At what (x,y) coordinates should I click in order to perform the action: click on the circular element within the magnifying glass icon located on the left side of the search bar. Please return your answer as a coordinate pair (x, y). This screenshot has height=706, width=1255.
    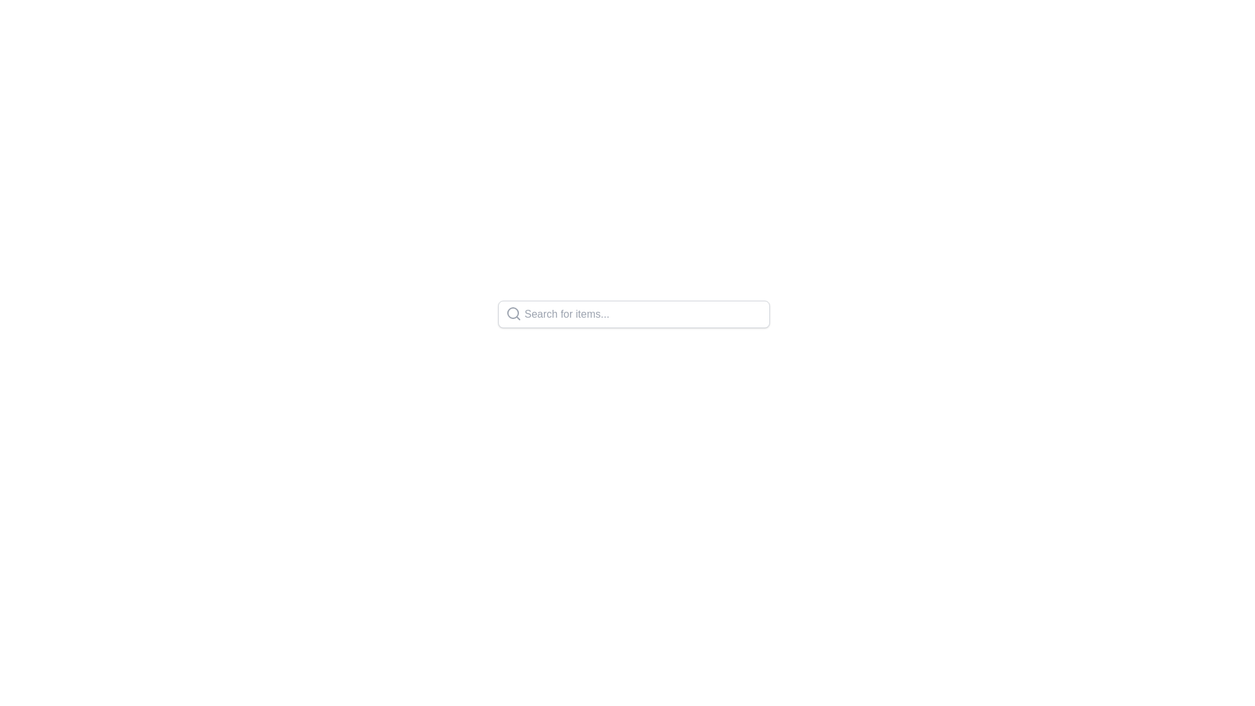
    Looking at the image, I should click on (512, 312).